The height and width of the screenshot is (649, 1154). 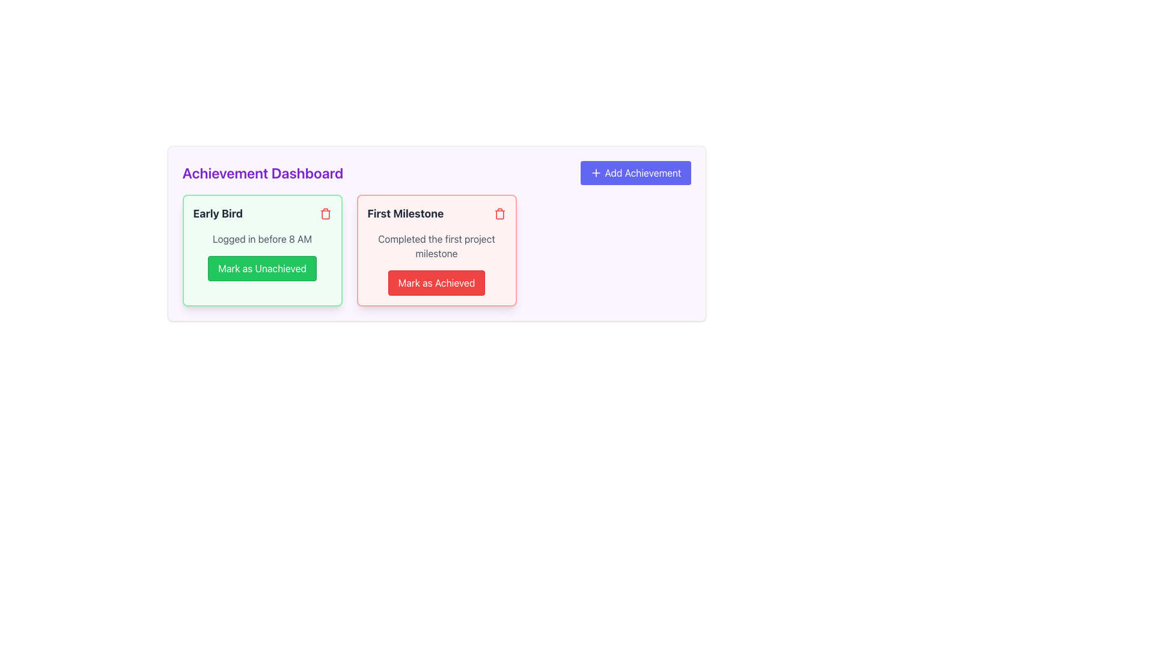 I want to click on the red trash icon located in the top-right corner of the 'Early Bird' card, so click(x=325, y=213).